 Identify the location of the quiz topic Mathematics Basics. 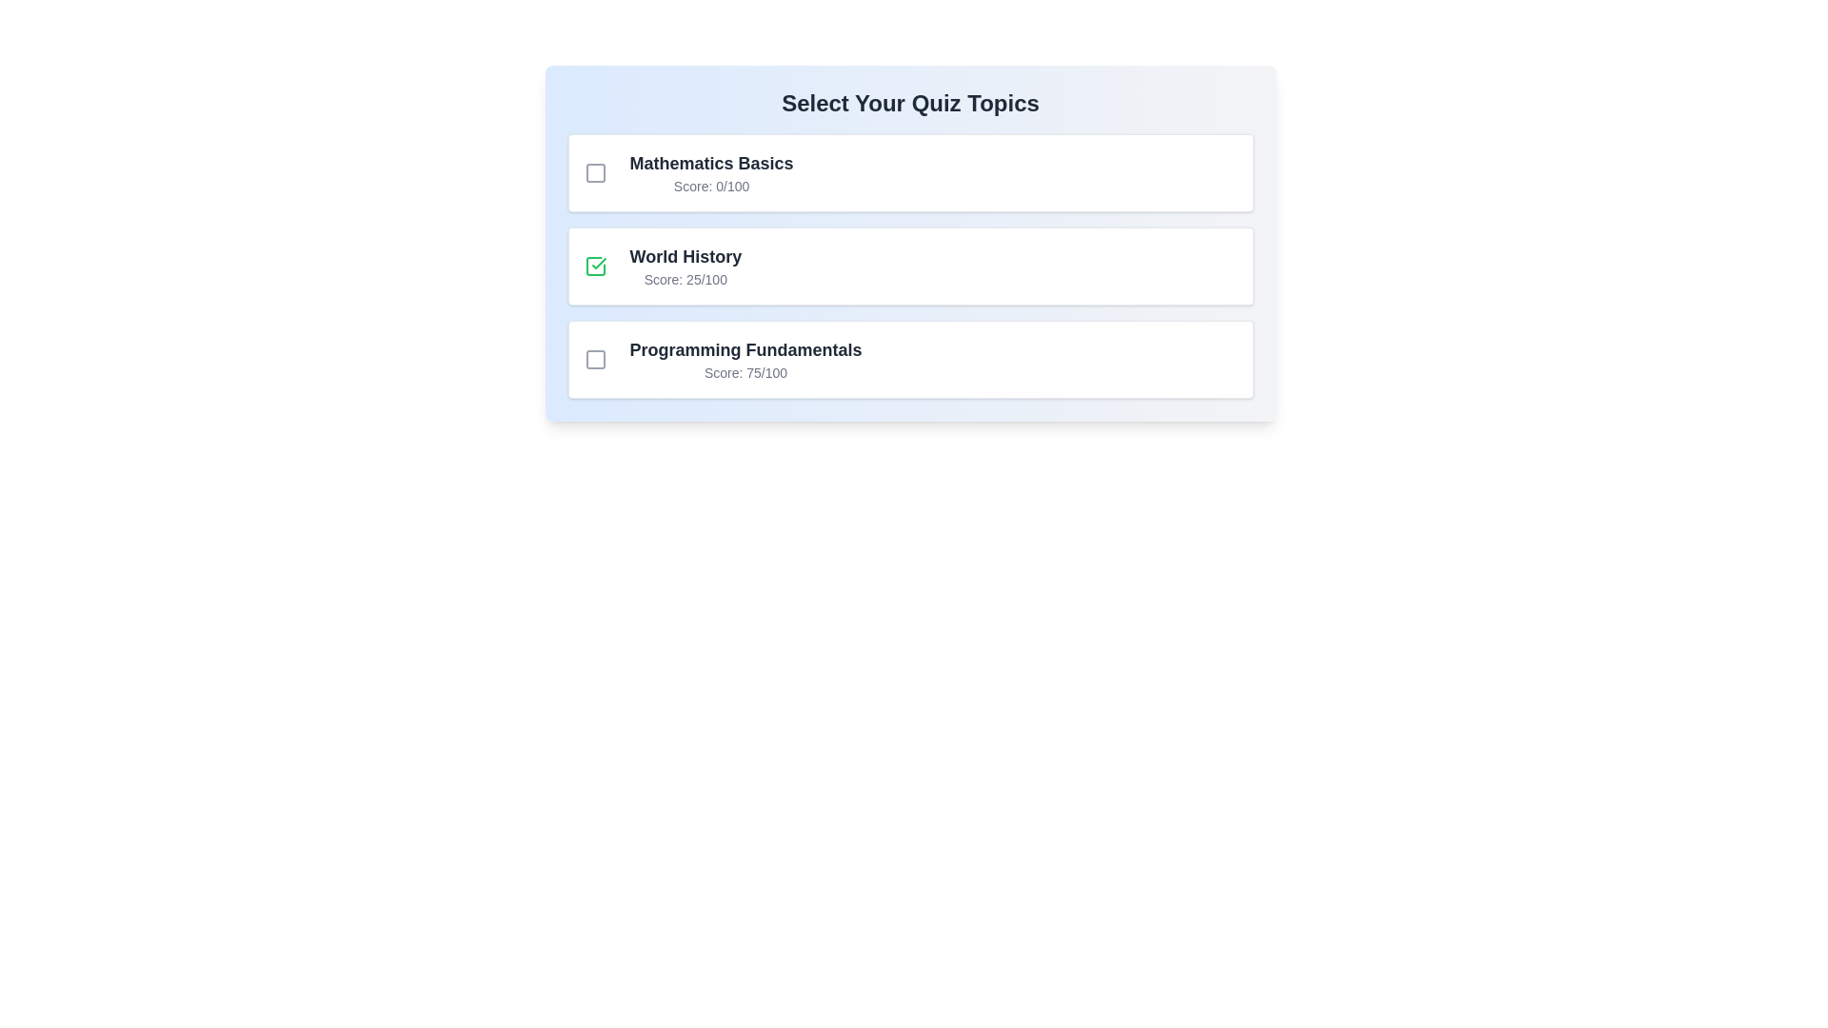
(594, 172).